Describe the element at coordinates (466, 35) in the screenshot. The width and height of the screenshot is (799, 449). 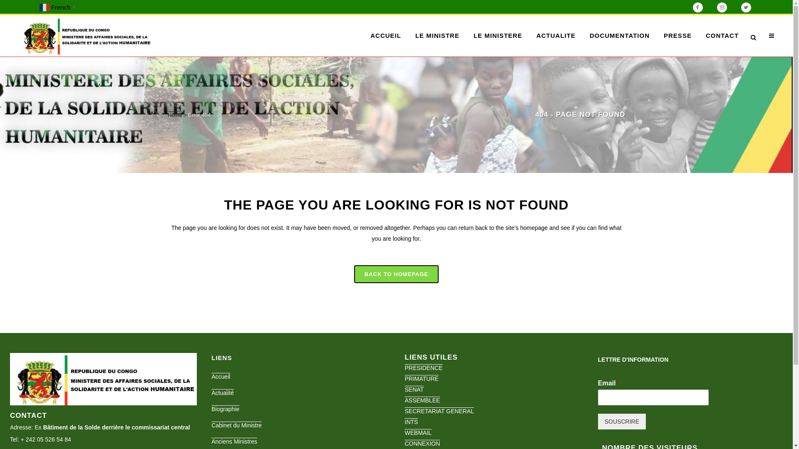
I see `'LE MINISTERE'` at that location.